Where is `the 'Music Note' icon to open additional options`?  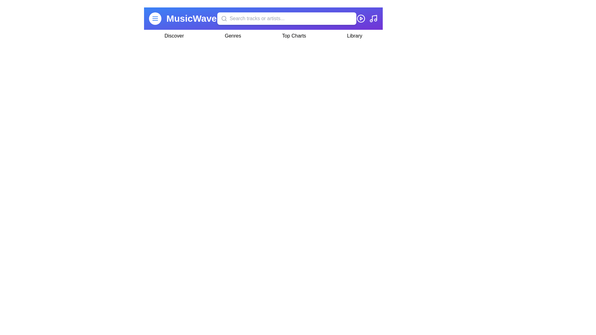 the 'Music Note' icon to open additional options is located at coordinates (373, 18).